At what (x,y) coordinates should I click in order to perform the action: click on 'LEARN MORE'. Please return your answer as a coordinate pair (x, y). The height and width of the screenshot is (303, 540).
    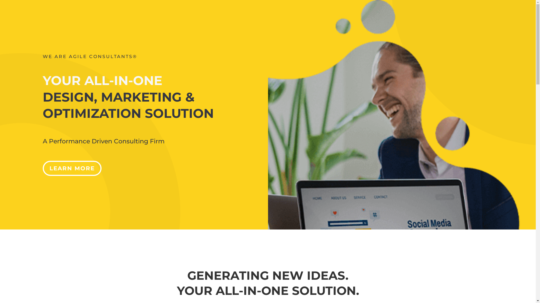
    Looking at the image, I should click on (72, 168).